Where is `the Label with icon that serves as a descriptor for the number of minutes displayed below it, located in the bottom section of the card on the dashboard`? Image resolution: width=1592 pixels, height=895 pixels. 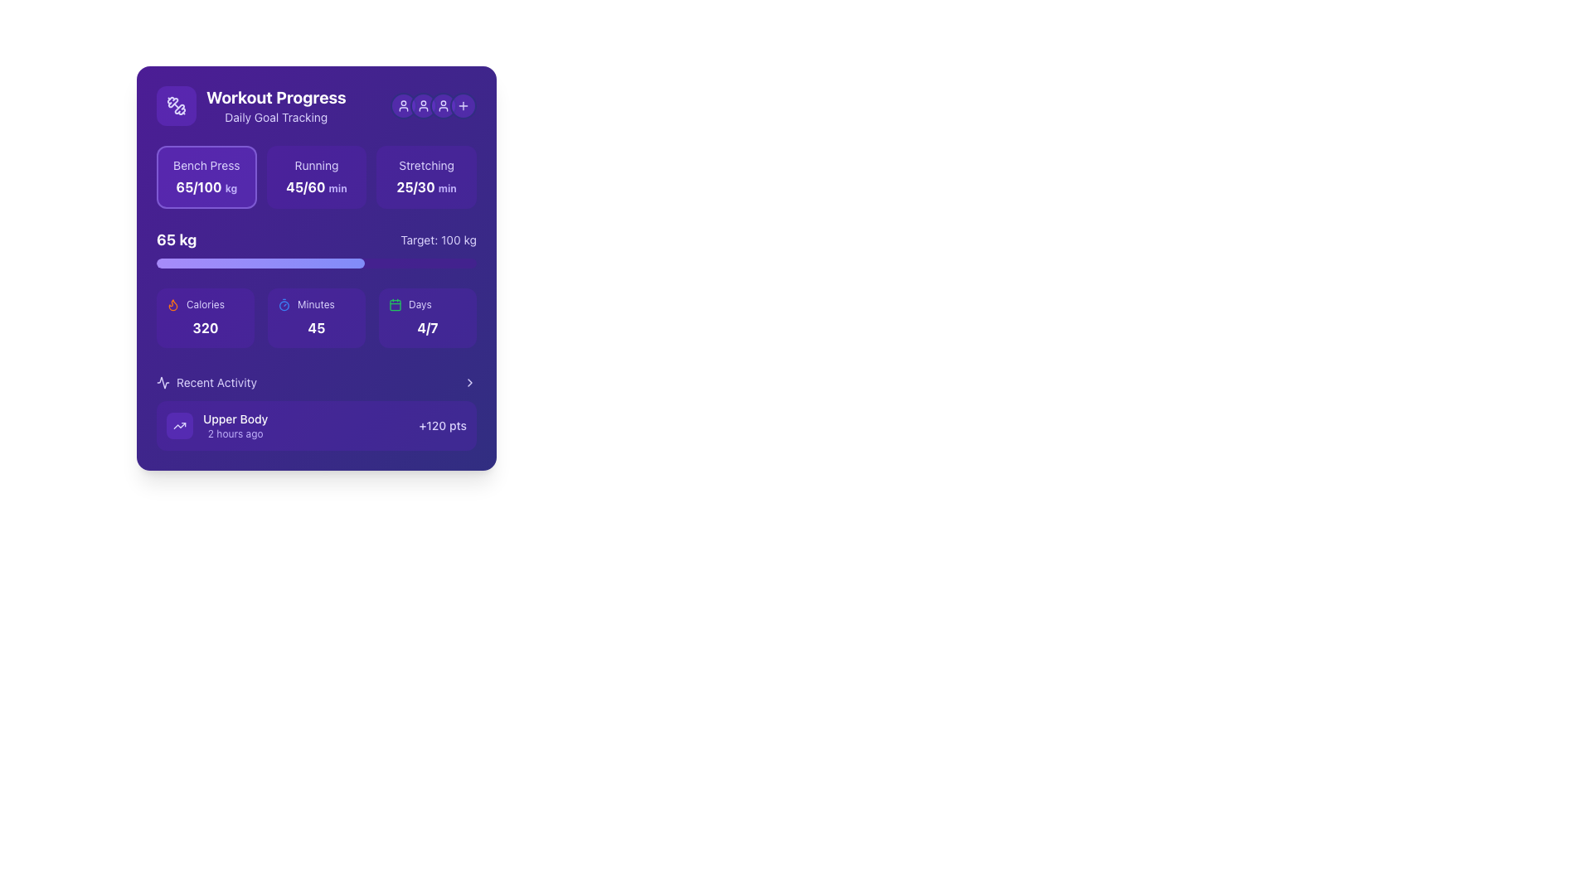
the Label with icon that serves as a descriptor for the number of minutes displayed below it, located in the bottom section of the card on the dashboard is located at coordinates (317, 304).